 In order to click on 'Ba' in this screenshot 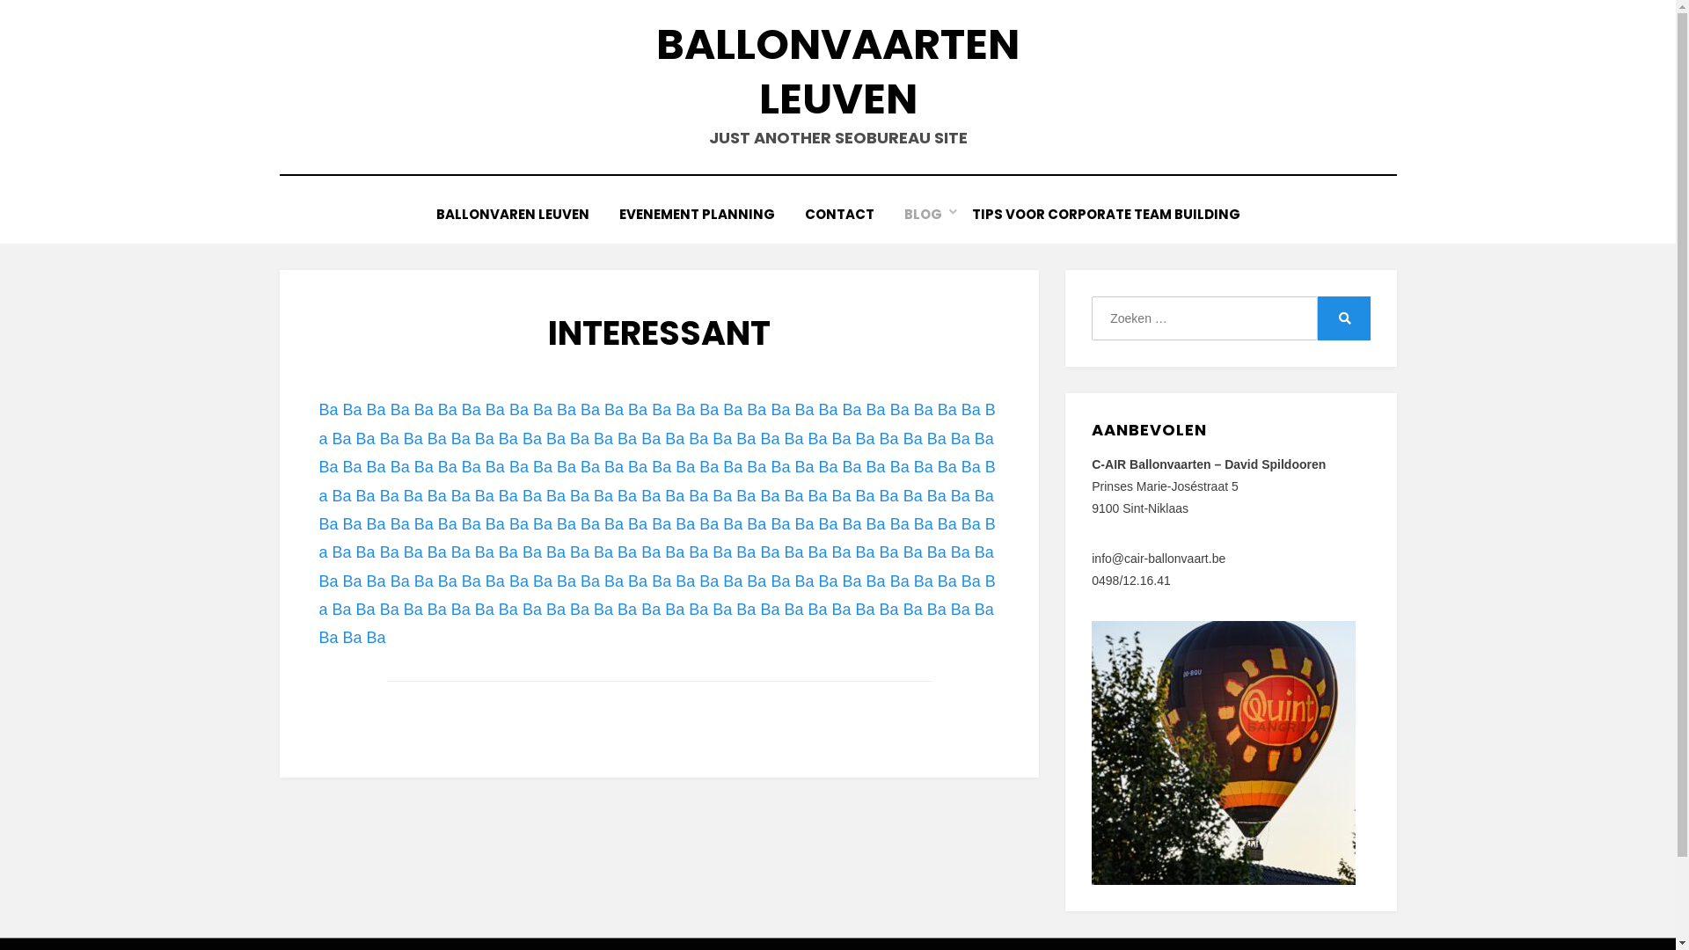, I will do `click(518, 523)`.